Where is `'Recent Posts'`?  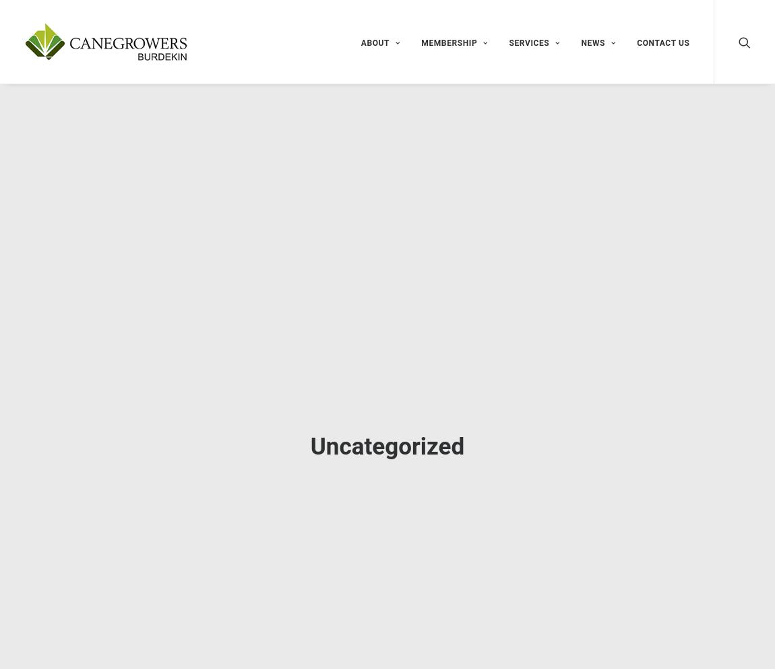 'Recent Posts' is located at coordinates (563, 299).